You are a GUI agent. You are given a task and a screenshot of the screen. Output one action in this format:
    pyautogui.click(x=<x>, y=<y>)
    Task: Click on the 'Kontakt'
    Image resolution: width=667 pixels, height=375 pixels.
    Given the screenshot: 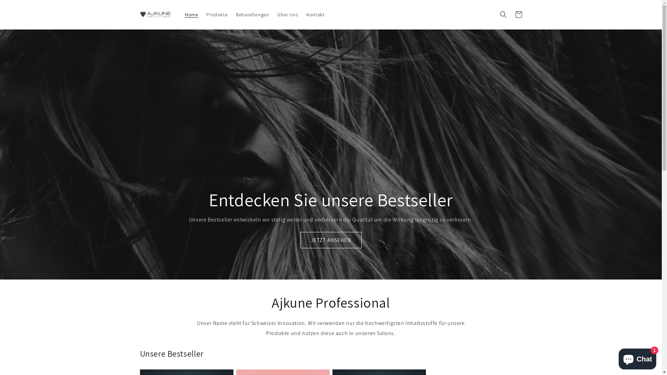 What is the action you would take?
    pyautogui.click(x=315, y=15)
    